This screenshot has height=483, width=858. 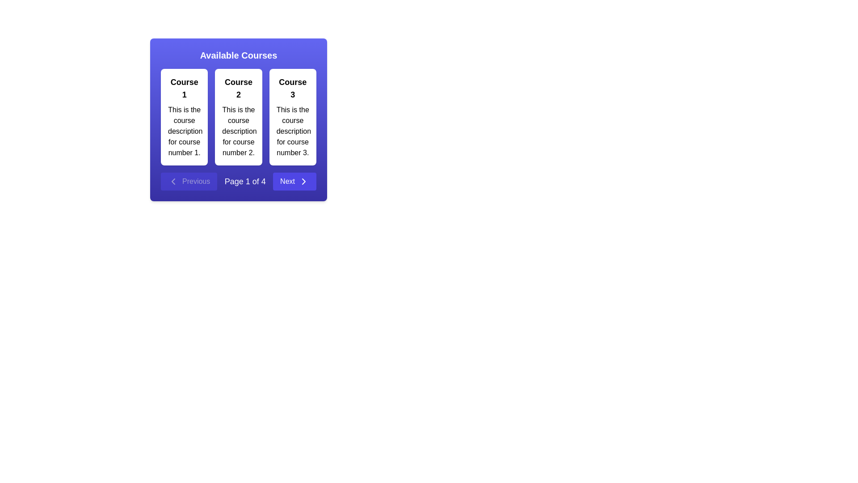 What do you see at coordinates (293, 131) in the screenshot?
I see `the text block stating 'This is the course description for course number 3.' located within the card labeled 'Course 3'` at bounding box center [293, 131].